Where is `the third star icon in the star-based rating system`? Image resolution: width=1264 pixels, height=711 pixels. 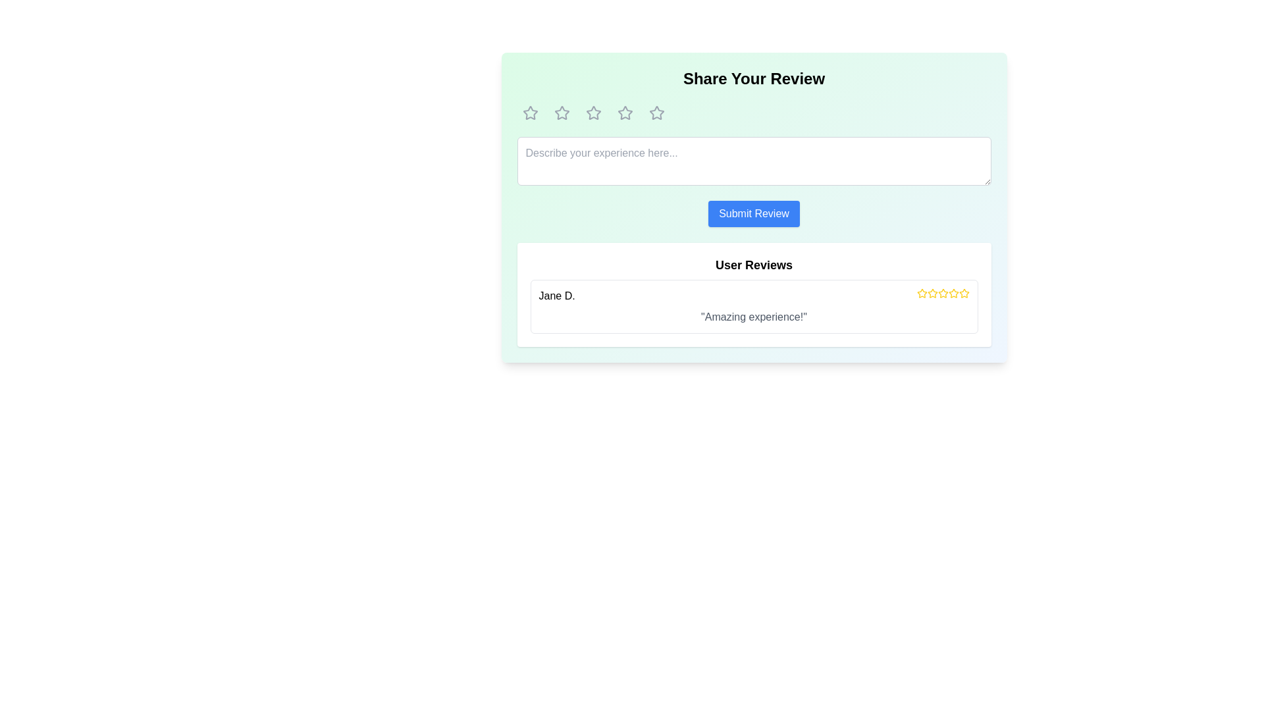
the third star icon in the star-based rating system is located at coordinates (624, 112).